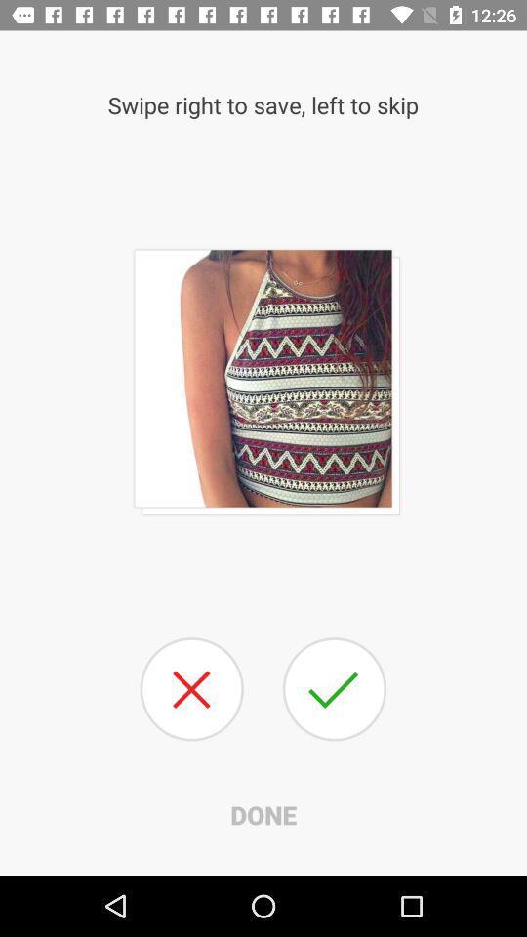 Image resolution: width=527 pixels, height=937 pixels. I want to click on the check icon, so click(333, 689).